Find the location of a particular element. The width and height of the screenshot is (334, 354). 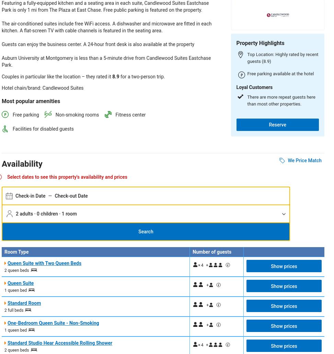

'Search' is located at coordinates (138, 231).